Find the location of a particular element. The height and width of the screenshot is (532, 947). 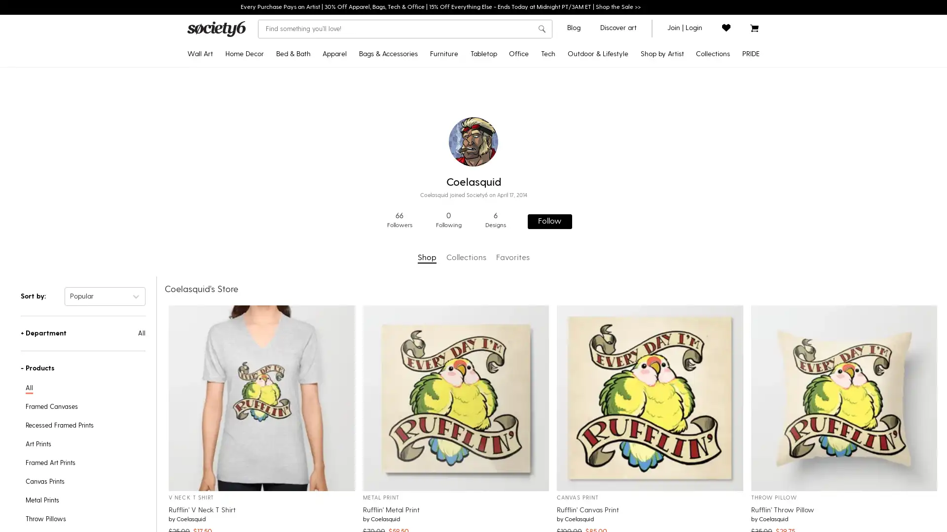

Comforters is located at coordinates (314, 79).